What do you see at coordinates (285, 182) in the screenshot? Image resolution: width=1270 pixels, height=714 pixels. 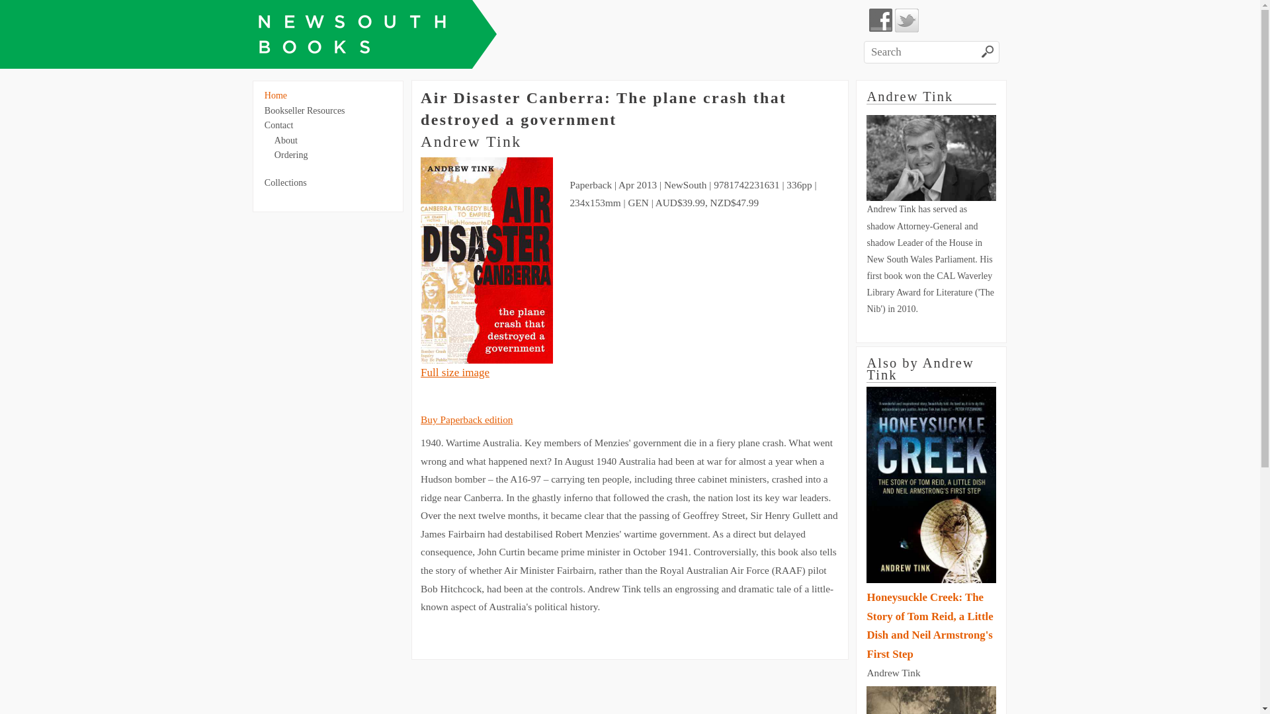 I see `'Collections'` at bounding box center [285, 182].